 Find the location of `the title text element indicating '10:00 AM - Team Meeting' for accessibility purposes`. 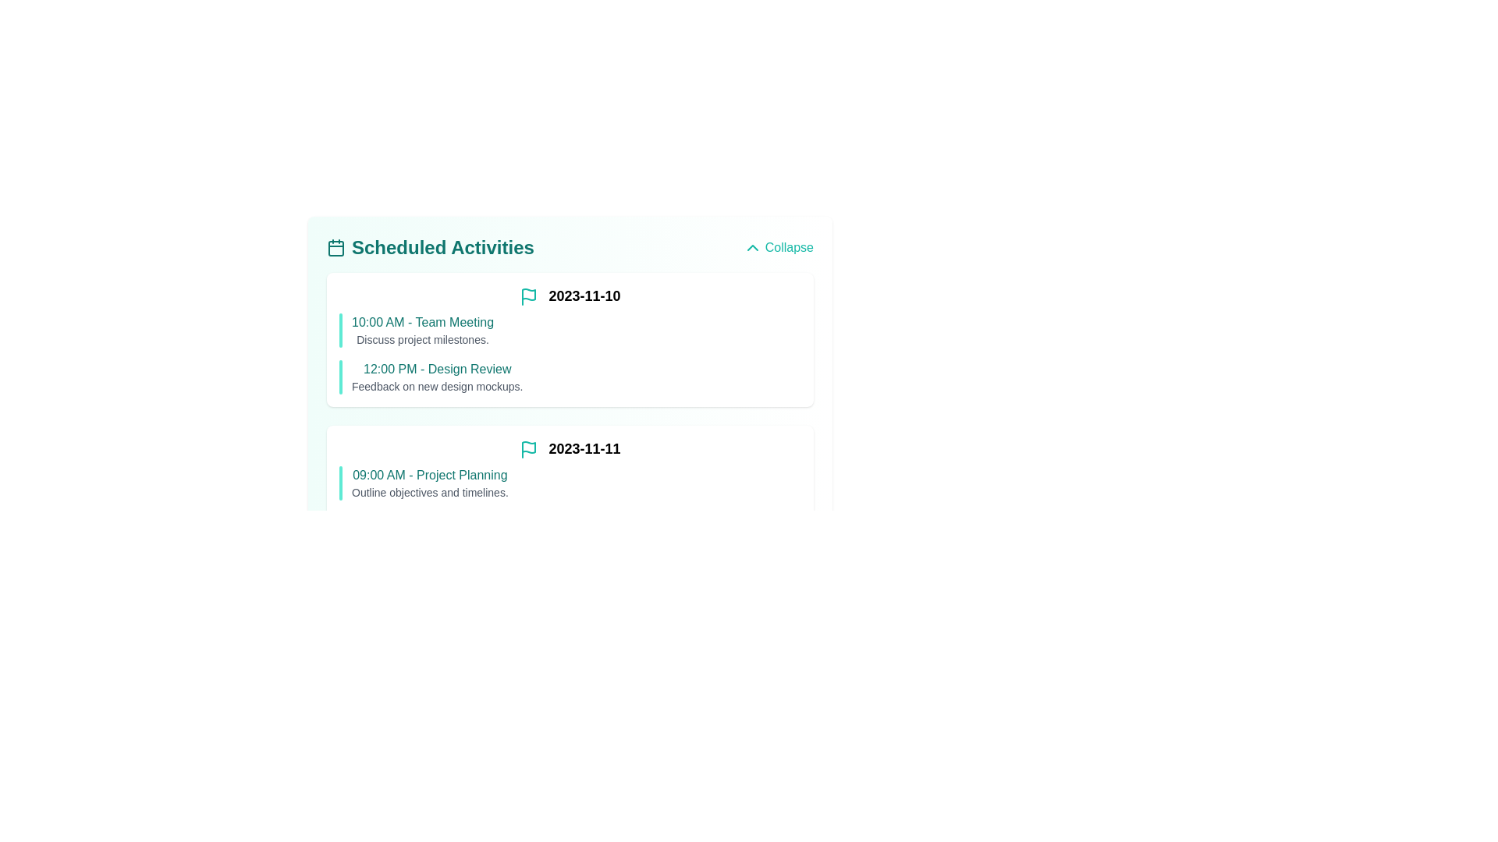

the title text element indicating '10:00 AM - Team Meeting' for accessibility purposes is located at coordinates (423, 321).